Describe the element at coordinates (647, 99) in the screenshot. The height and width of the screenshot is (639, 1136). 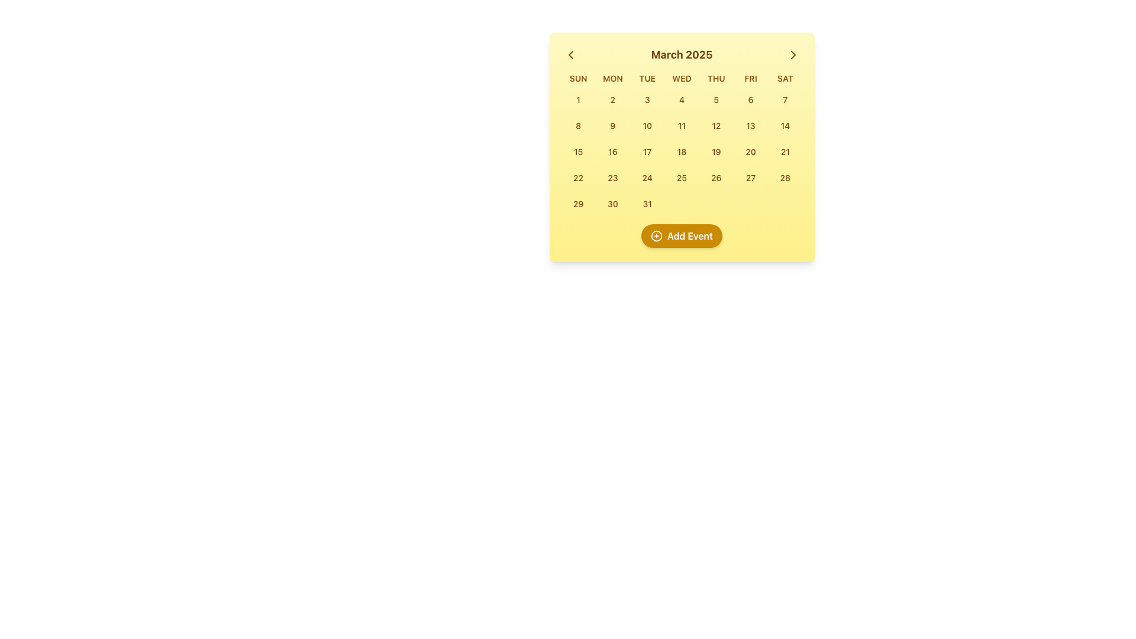
I see `the Date Cell containing the number '3' with a yellow background in the calendar interface, which corresponds to Tuesday in the week layout` at that location.